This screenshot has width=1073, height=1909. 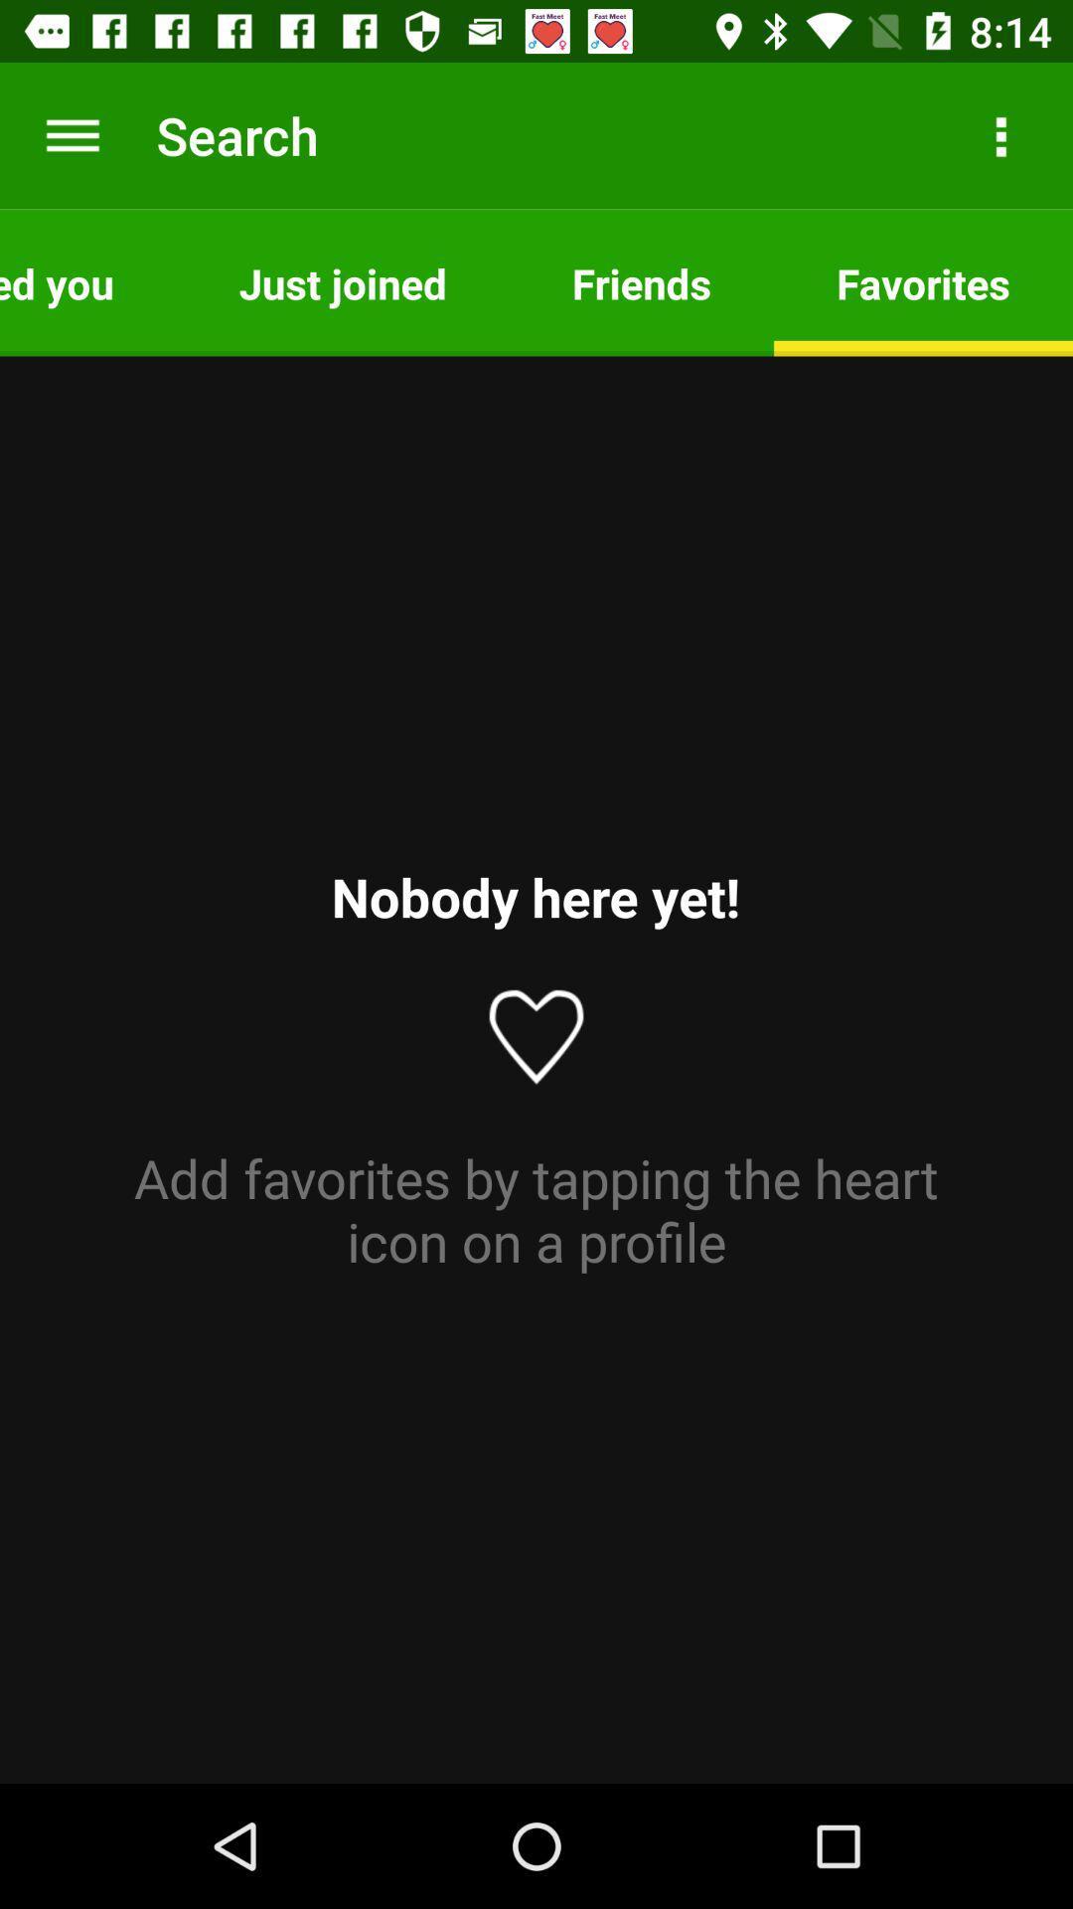 I want to click on the item next to the favorites icon, so click(x=642, y=281).